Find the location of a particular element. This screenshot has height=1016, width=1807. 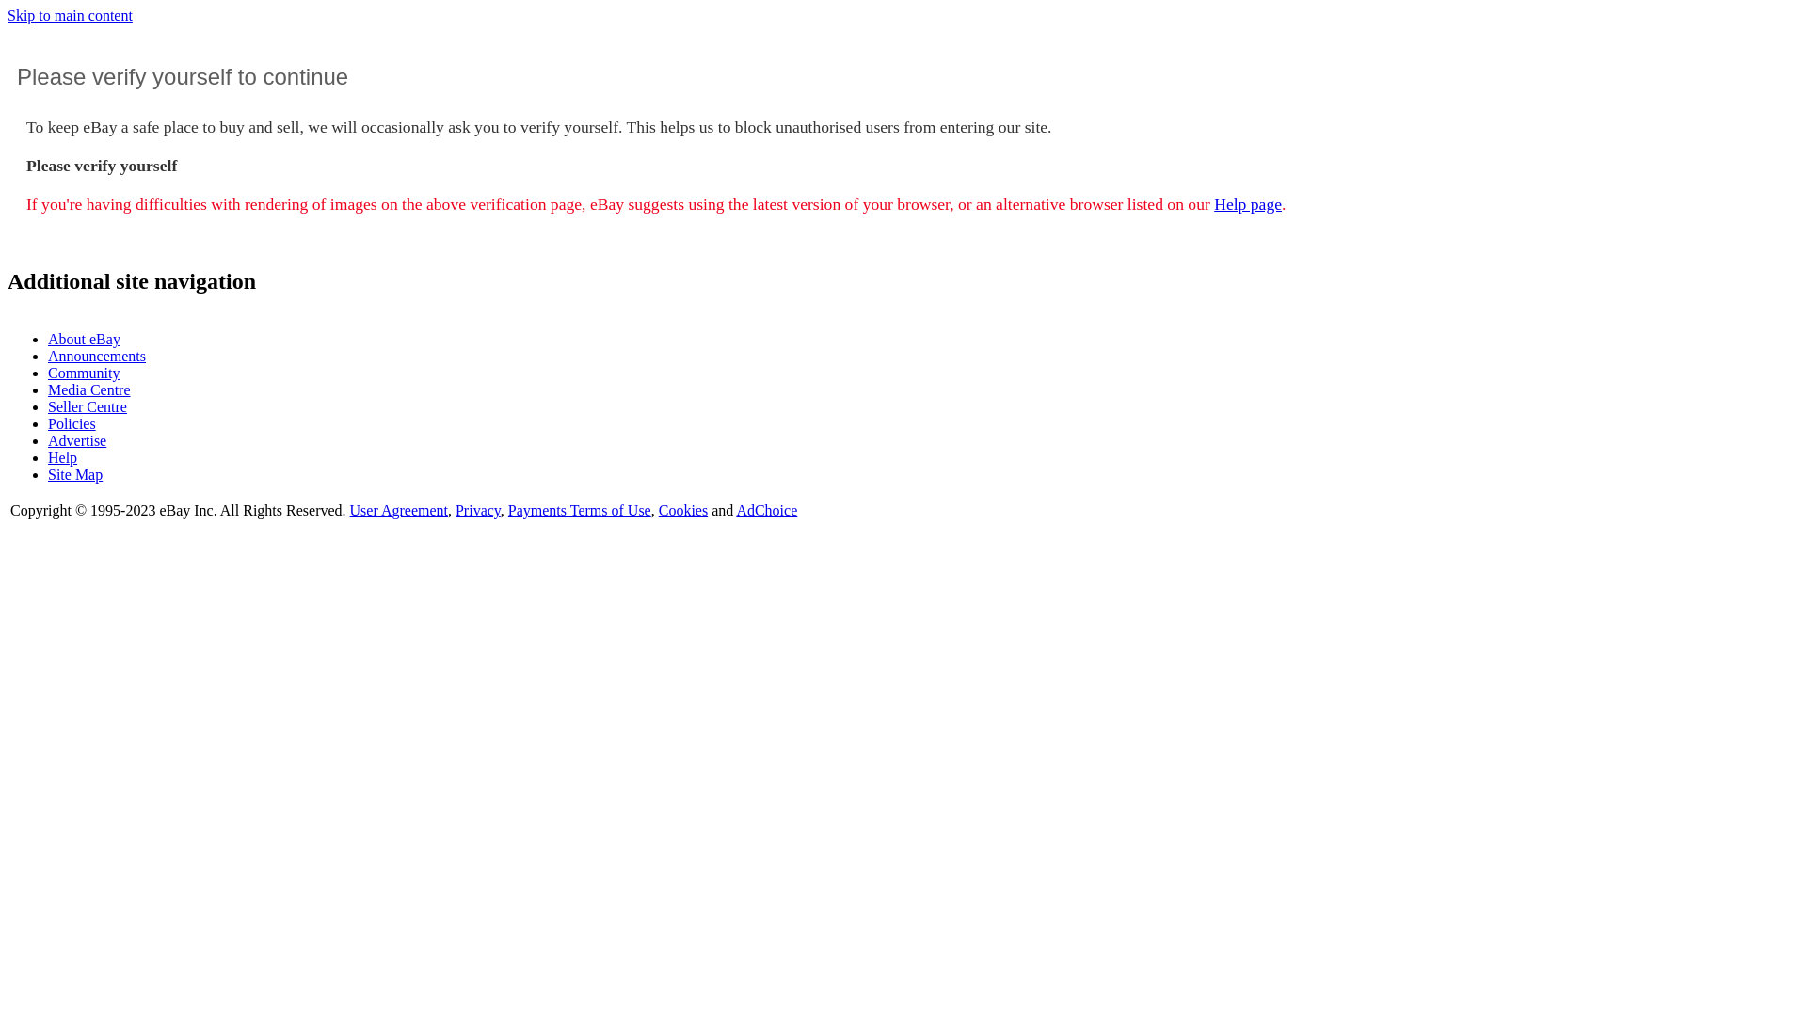

'Help' is located at coordinates (48, 457).